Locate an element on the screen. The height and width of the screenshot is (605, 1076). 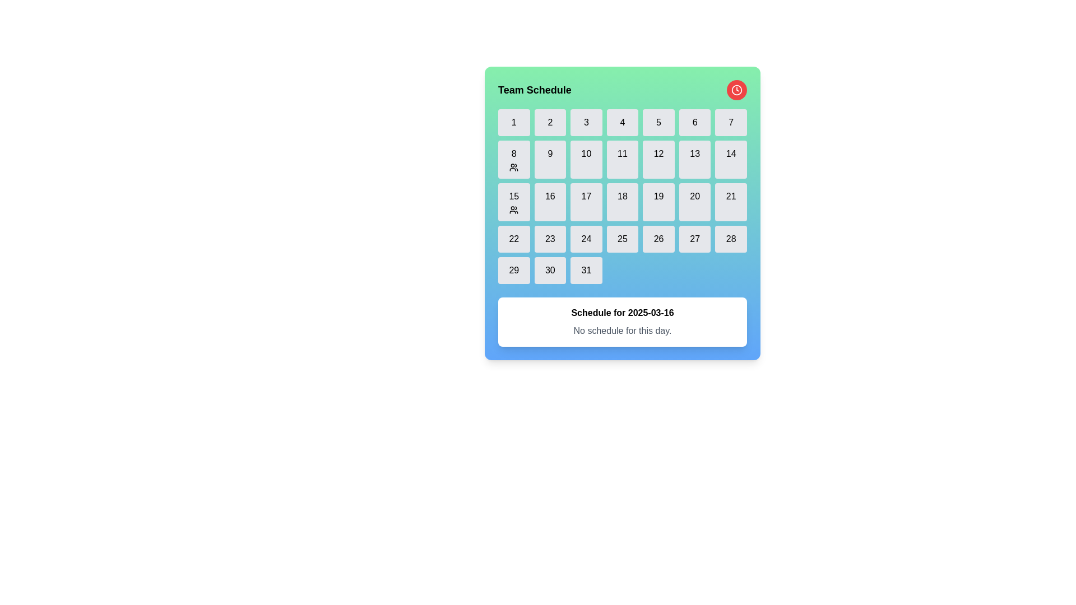
the Textual Number Label displaying the number '11', which indicates the 11th day of the month in the calendar grid layout is located at coordinates (622, 153).